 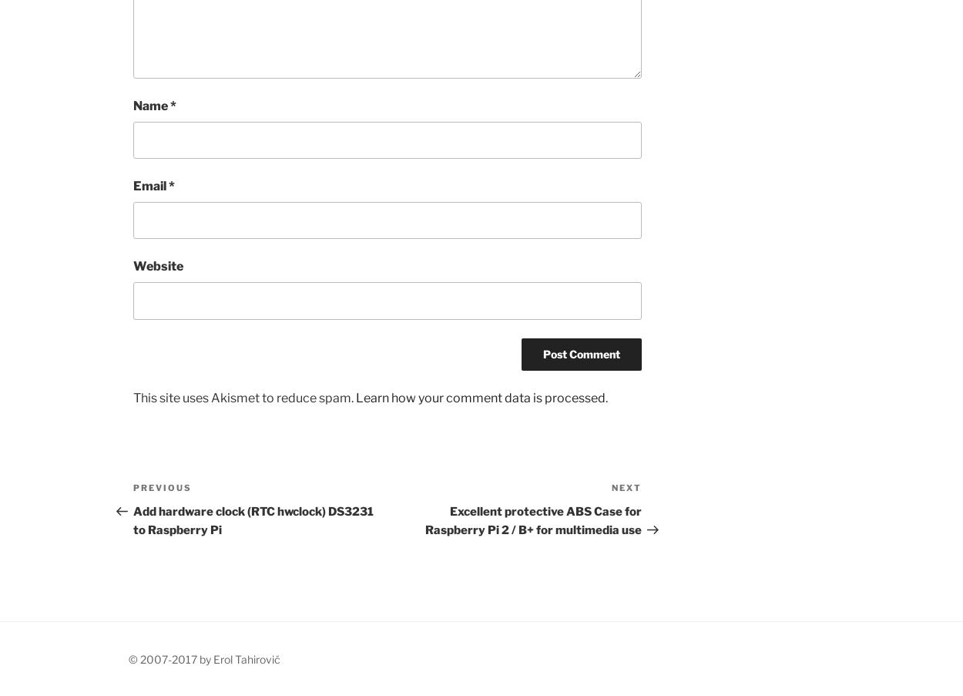 What do you see at coordinates (355, 397) in the screenshot?
I see `'Learn how your comment data is processed'` at bounding box center [355, 397].